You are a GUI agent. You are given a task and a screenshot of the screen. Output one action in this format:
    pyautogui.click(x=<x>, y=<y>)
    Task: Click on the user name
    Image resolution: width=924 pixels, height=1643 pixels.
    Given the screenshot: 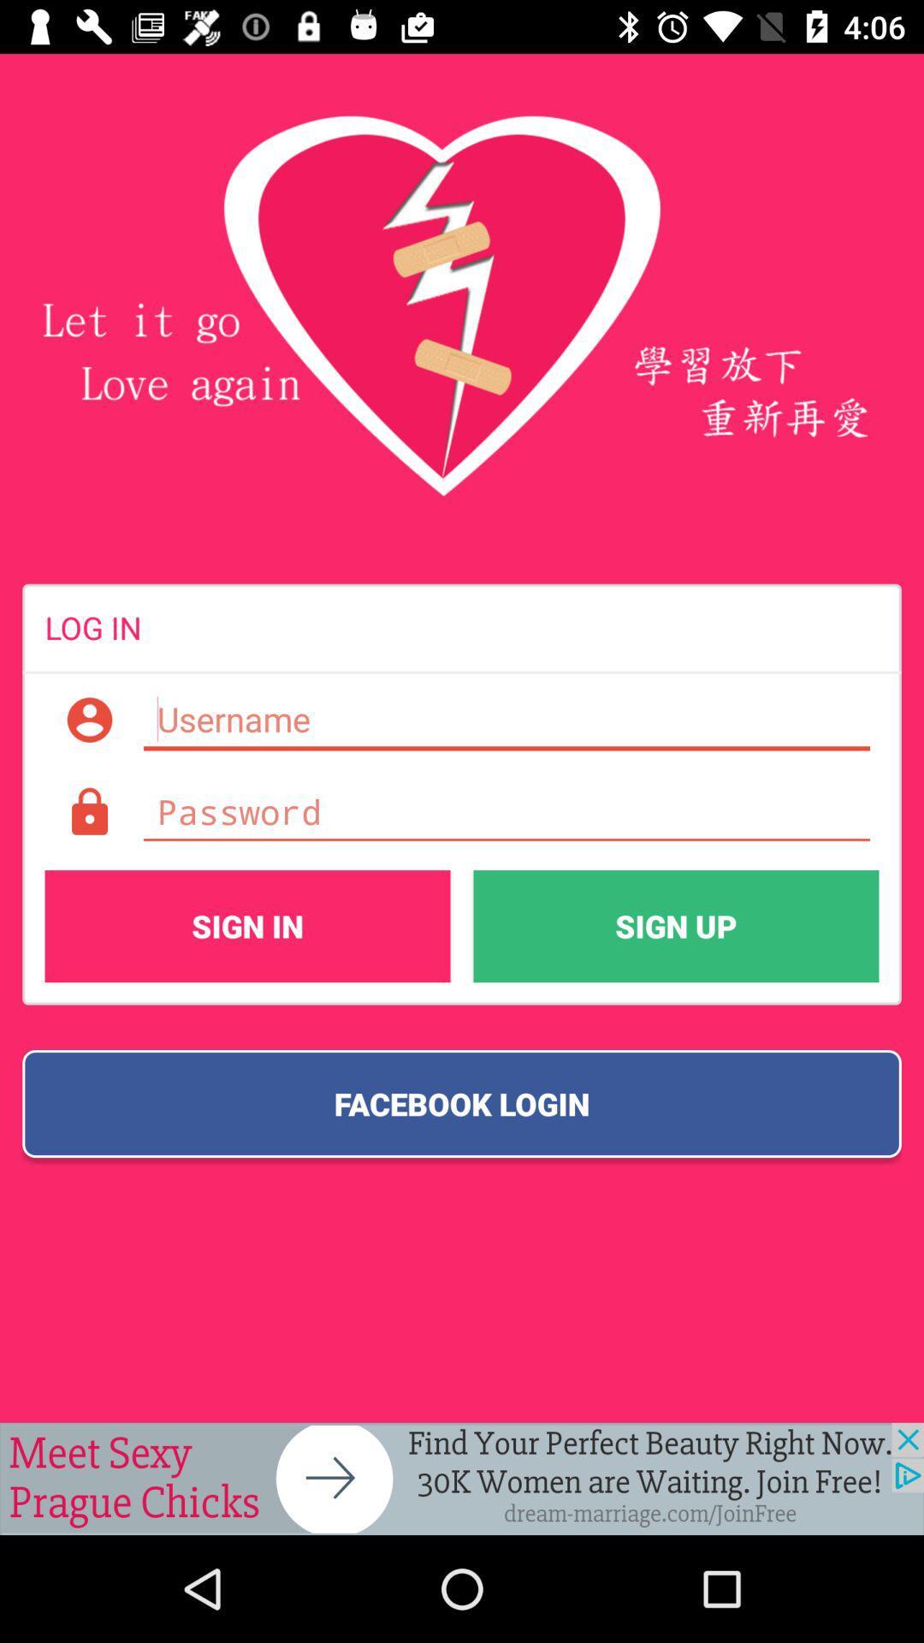 What is the action you would take?
    pyautogui.click(x=506, y=720)
    